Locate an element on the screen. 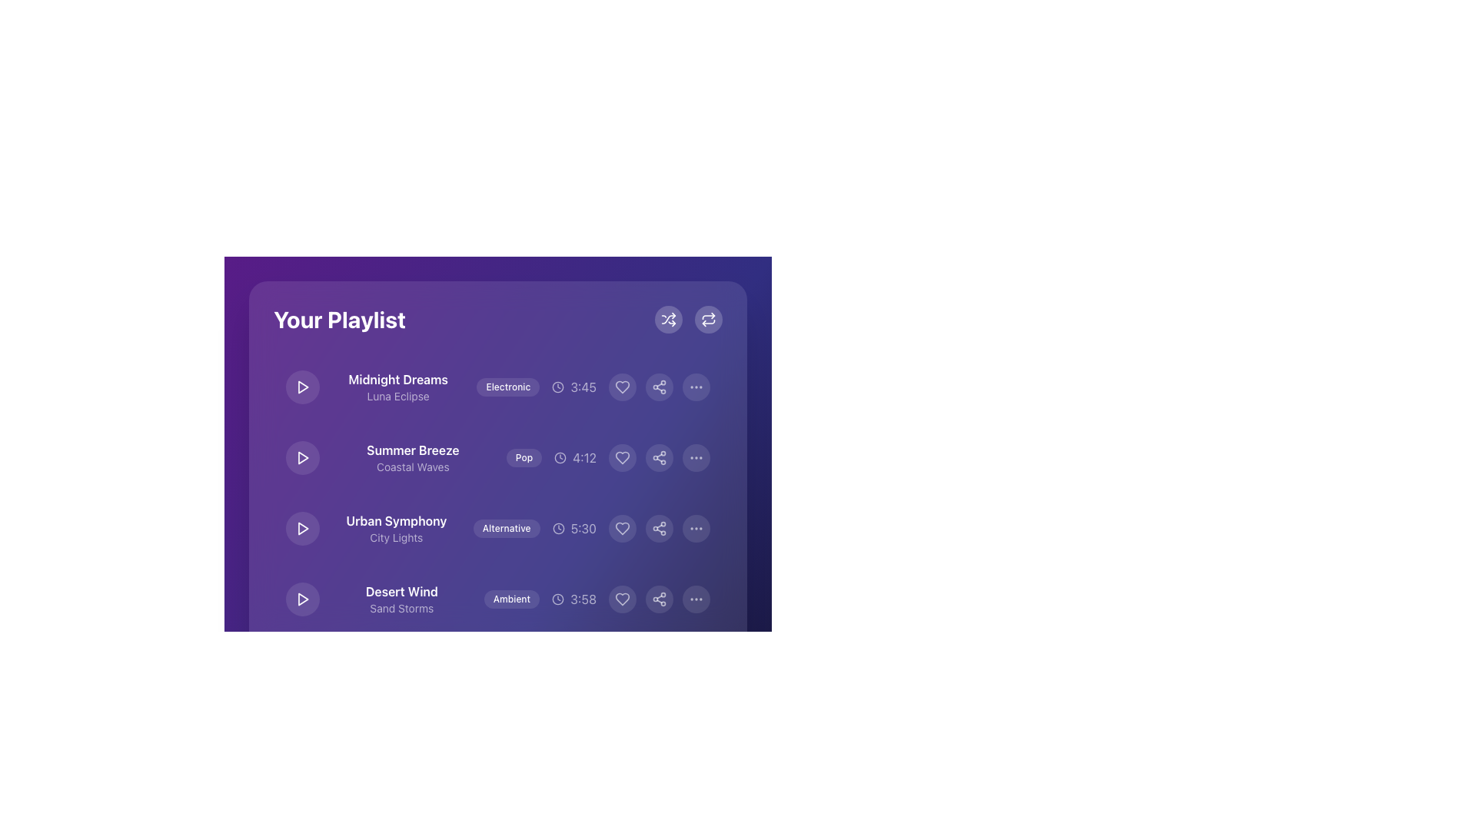 The image size is (1476, 830). the interactive button with an ellipsis icon located in the bottom-right corner of the 'Desert Wind' playlist item row is located at coordinates (696, 598).